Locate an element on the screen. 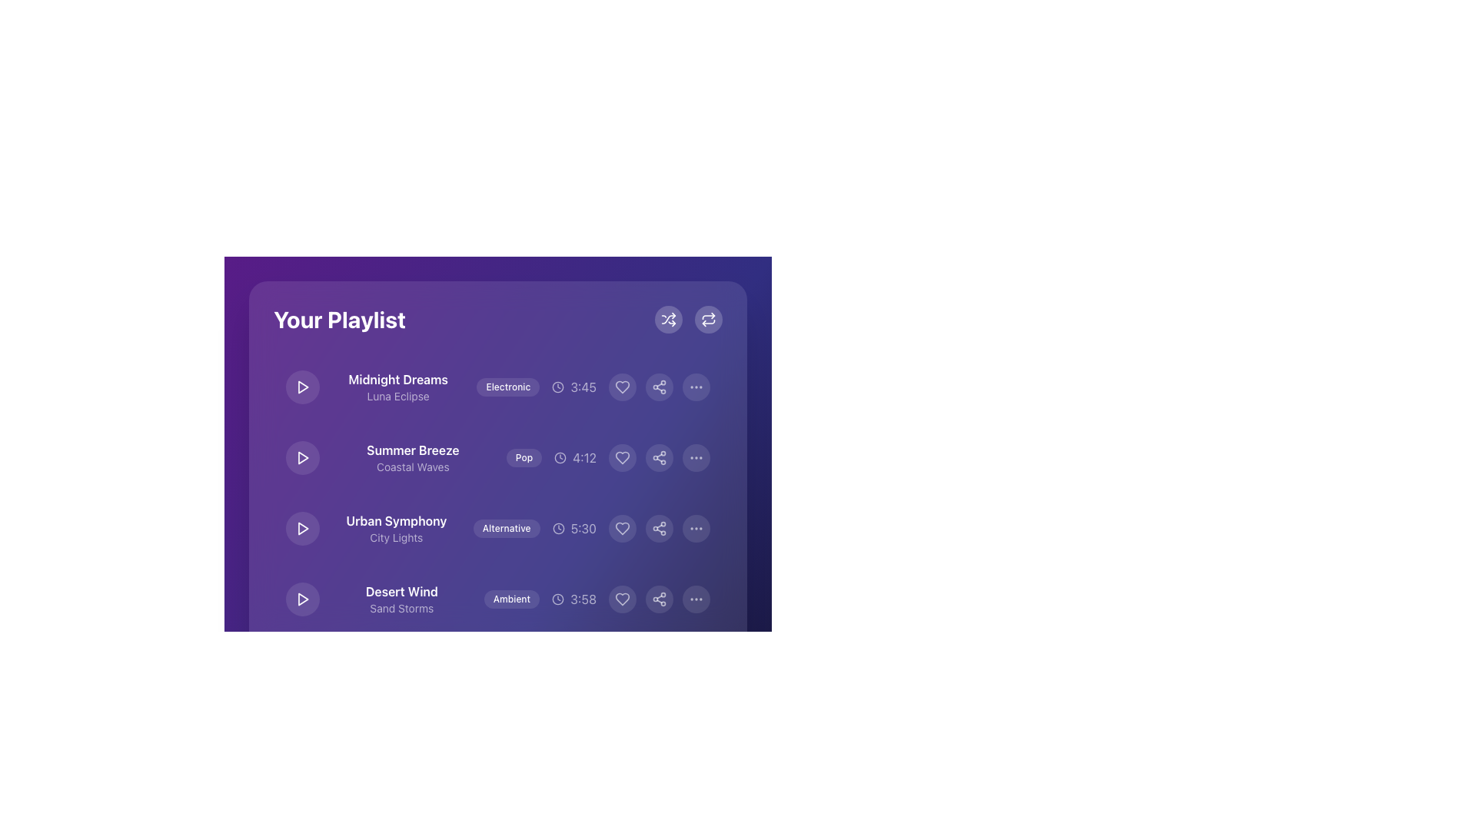 The image size is (1476, 830). the interactive button with an ellipsis icon located in the bottom-right corner of the 'Desert Wind' playlist item row is located at coordinates (696, 598).